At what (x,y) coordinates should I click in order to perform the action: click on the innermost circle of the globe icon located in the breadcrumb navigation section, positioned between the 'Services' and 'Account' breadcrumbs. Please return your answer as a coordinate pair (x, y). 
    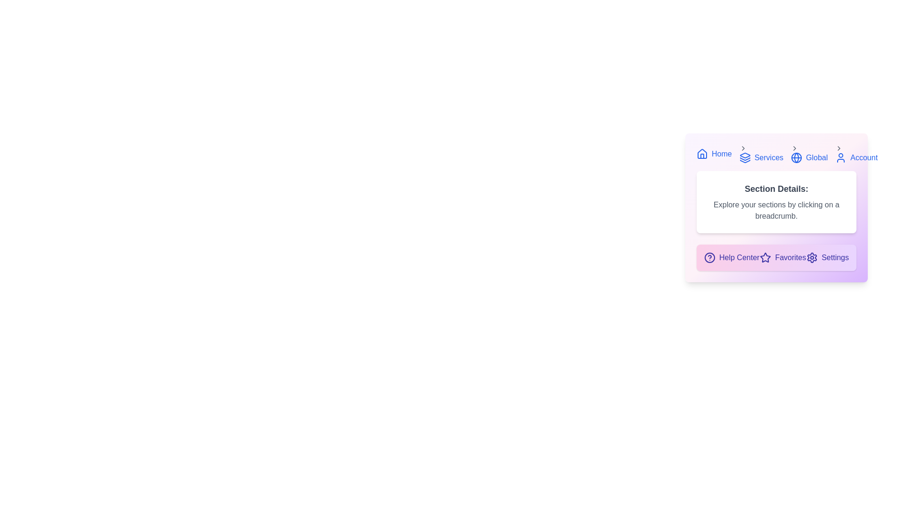
    Looking at the image, I should click on (796, 157).